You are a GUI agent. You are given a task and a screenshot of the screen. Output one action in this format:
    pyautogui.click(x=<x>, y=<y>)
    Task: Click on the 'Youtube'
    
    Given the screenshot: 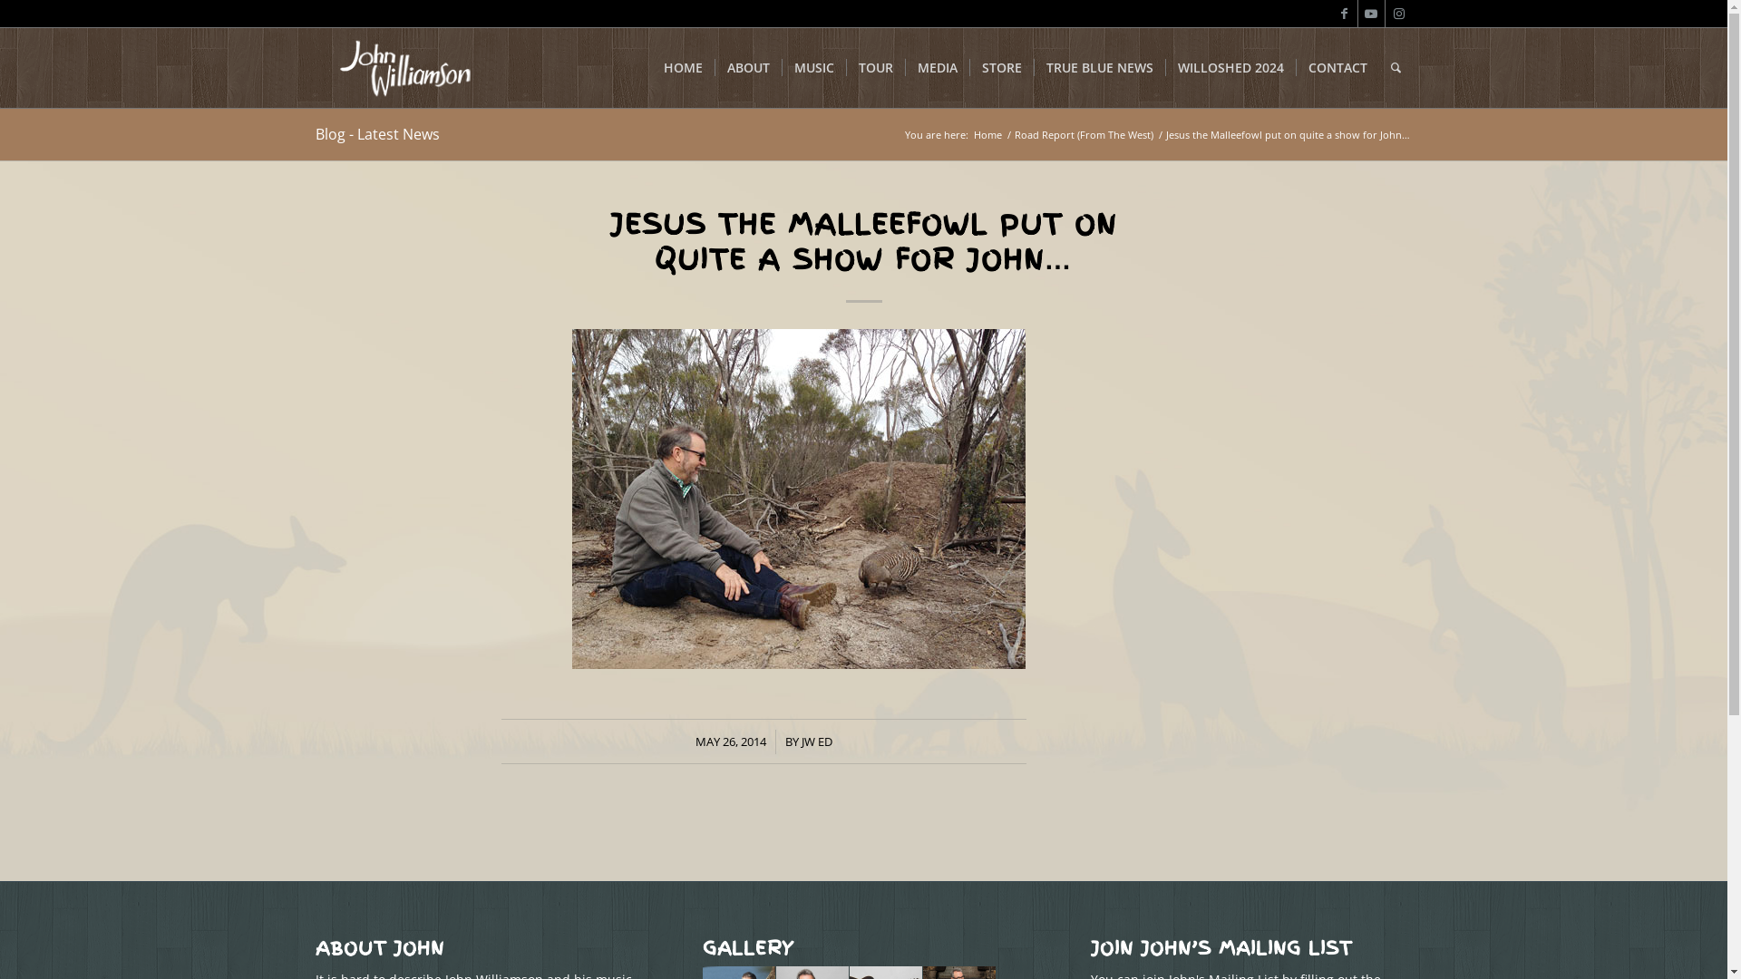 What is the action you would take?
    pyautogui.click(x=1371, y=14)
    